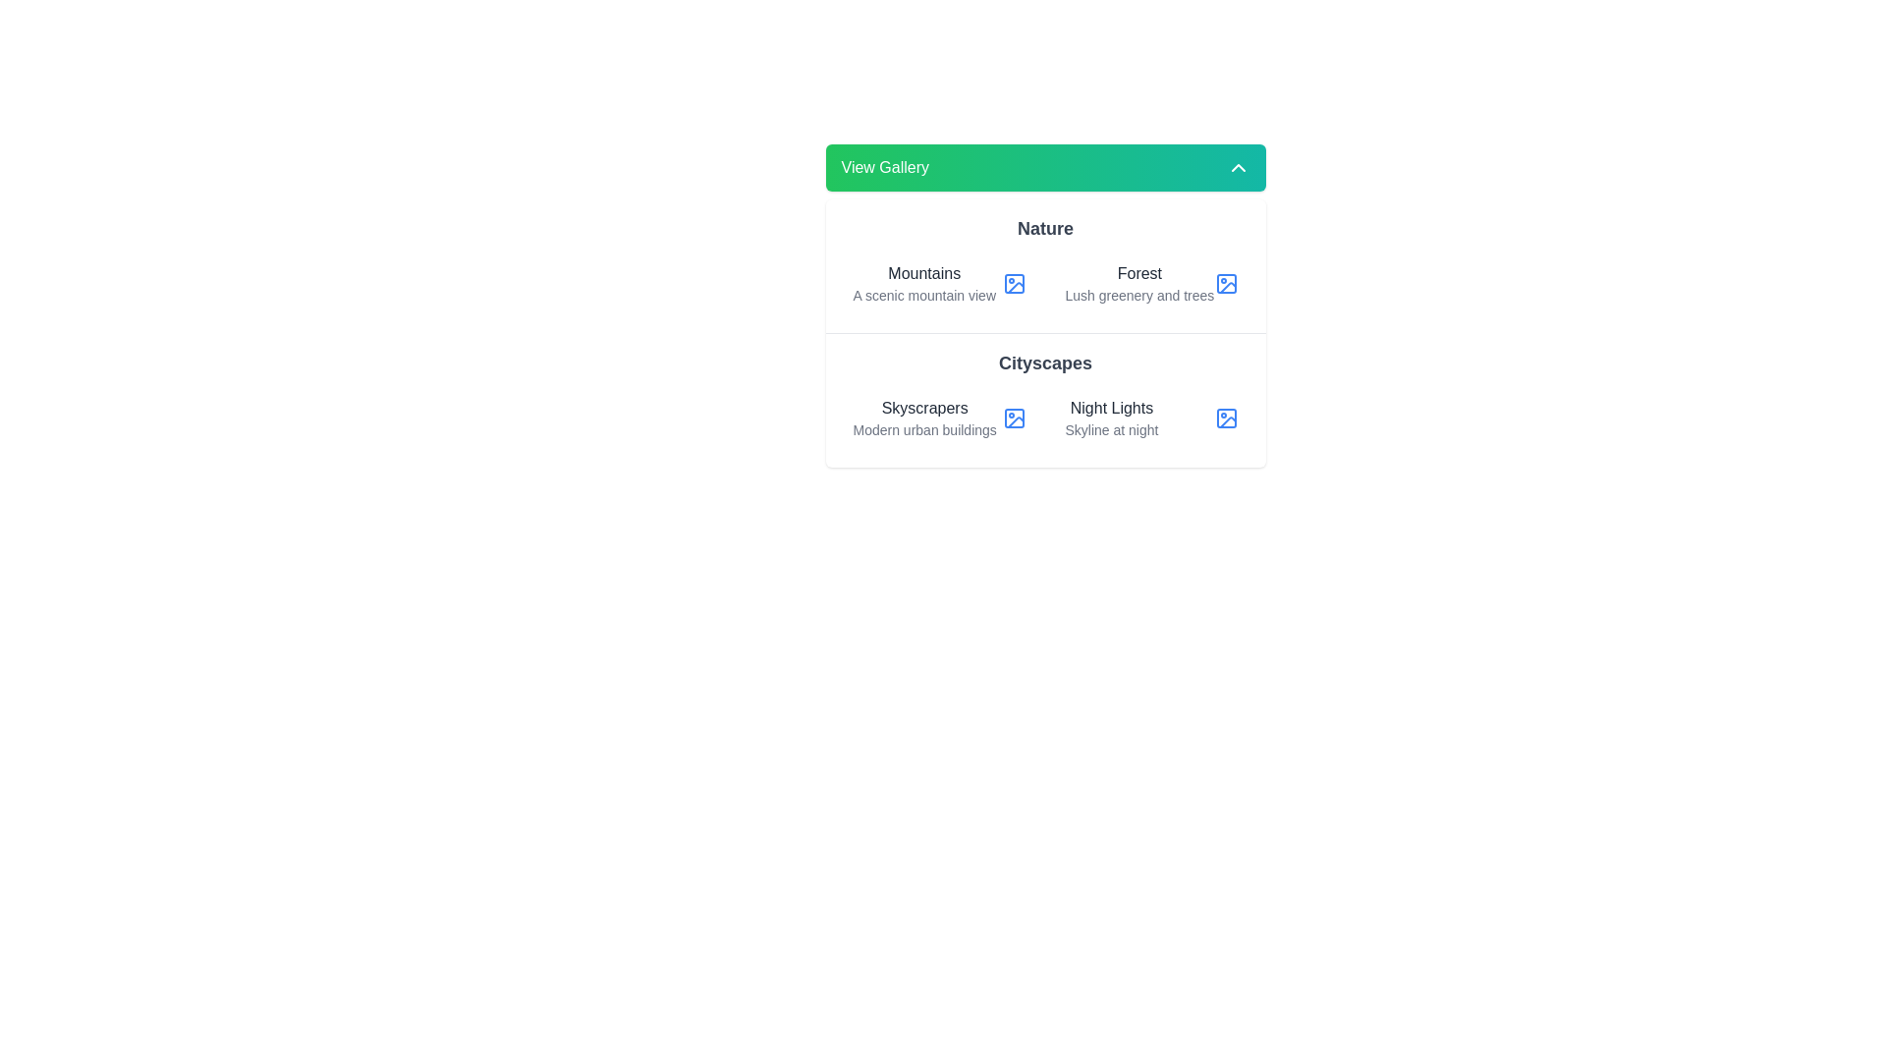 This screenshot has width=1886, height=1061. What do you see at coordinates (1151, 284) in the screenshot?
I see `the category tile titled 'Forest' which displays the description 'Lush greenery and trees' and is positioned under the header 'Nature' as the second item in the grid` at bounding box center [1151, 284].